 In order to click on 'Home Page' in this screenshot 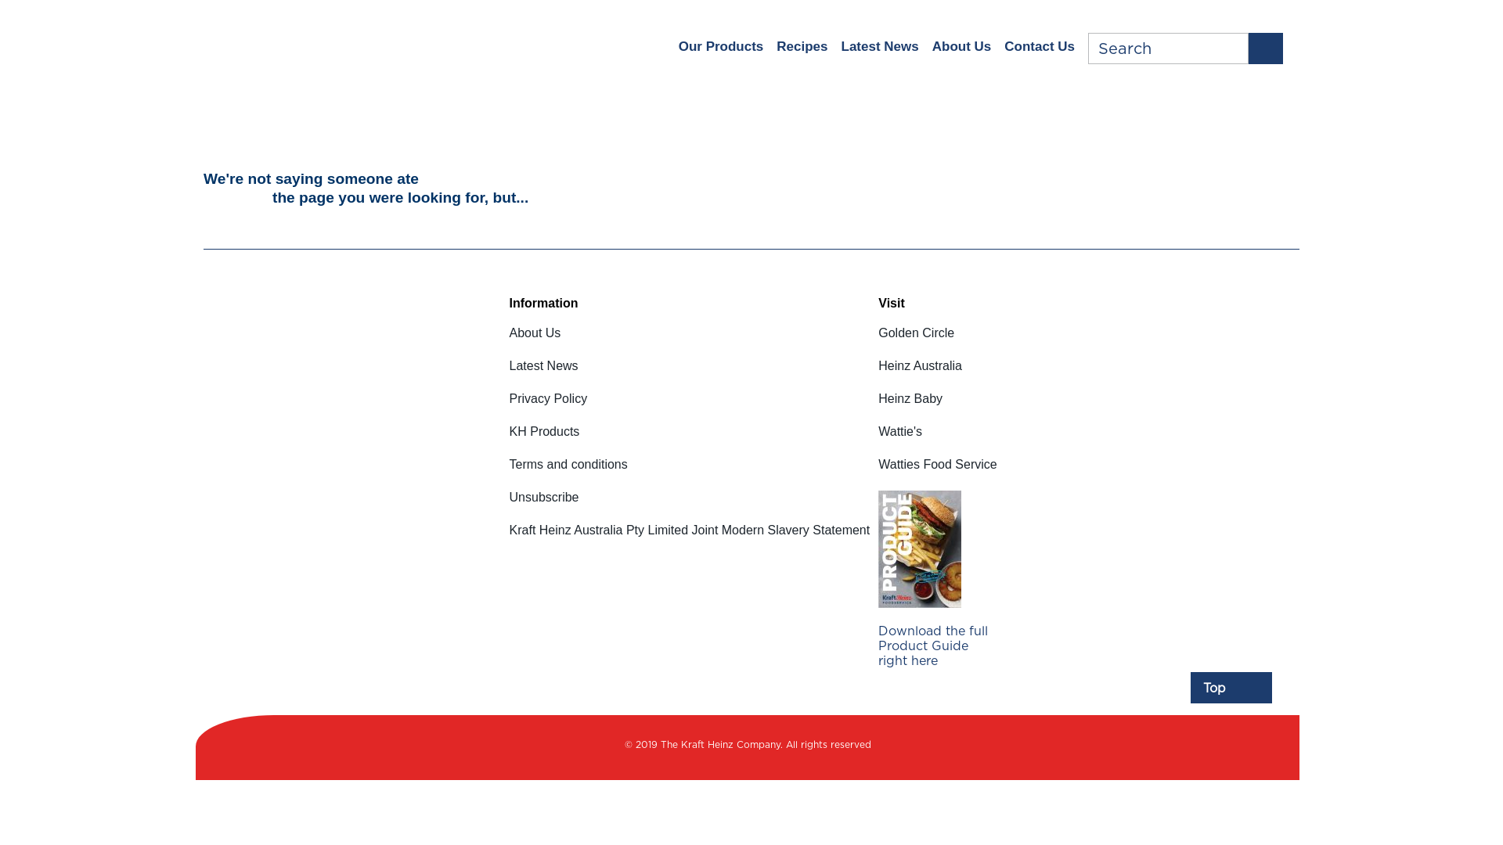, I will do `click(323, 45)`.